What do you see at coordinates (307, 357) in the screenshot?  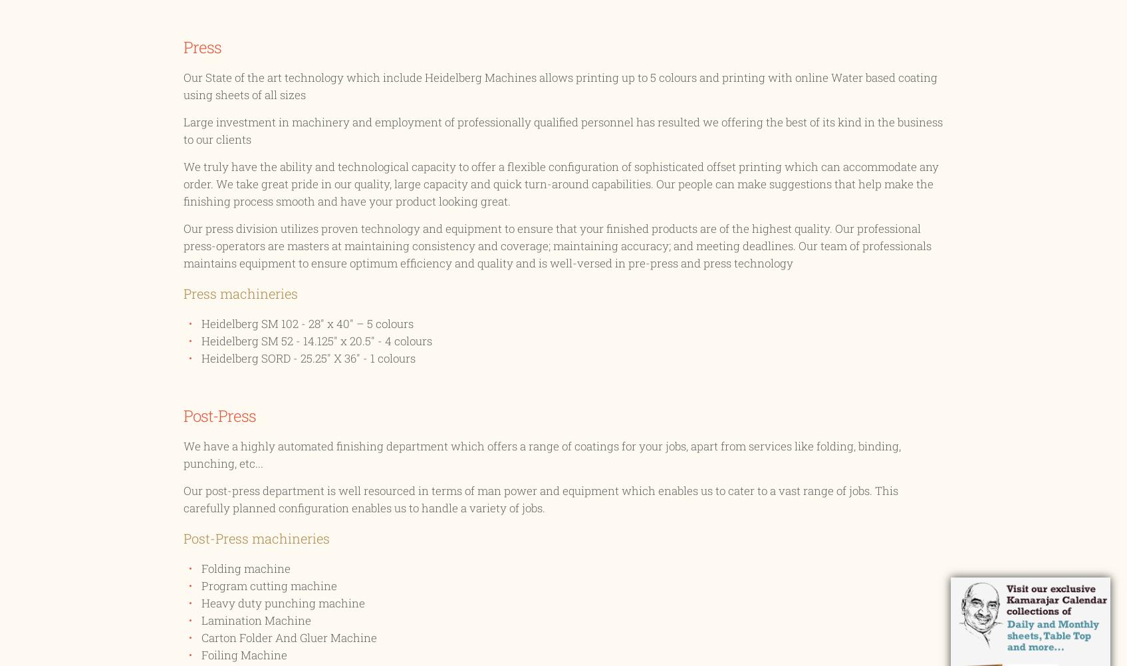 I see `'Heidelberg SORD - 25.25" X 36" - 1 colours'` at bounding box center [307, 357].